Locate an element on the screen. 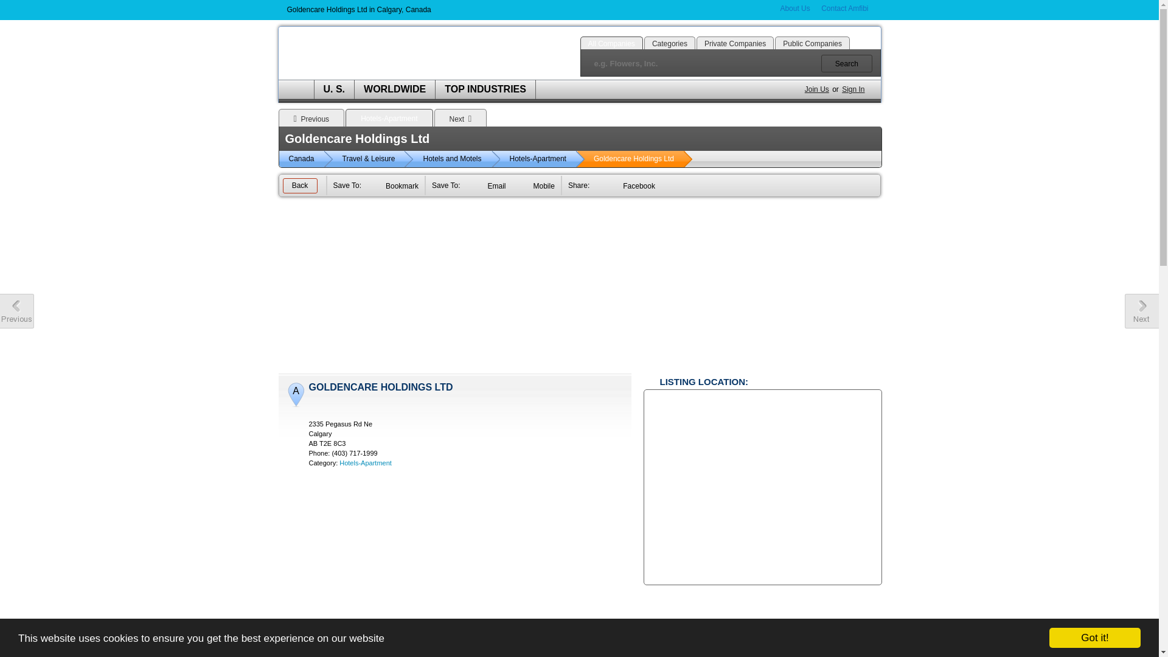 The height and width of the screenshot is (657, 1168). 'Contact Amfibi' is located at coordinates (843, 9).